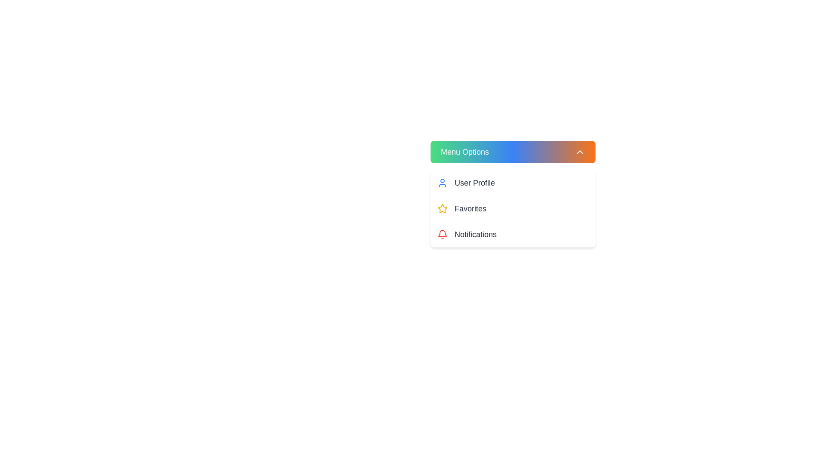  What do you see at coordinates (475, 235) in the screenshot?
I see `the 'Notifications' text label, which is styled in a large, medium-weight, gray-colored font and is located in the third row of a vertical menu adjacent to the red bell icon` at bounding box center [475, 235].